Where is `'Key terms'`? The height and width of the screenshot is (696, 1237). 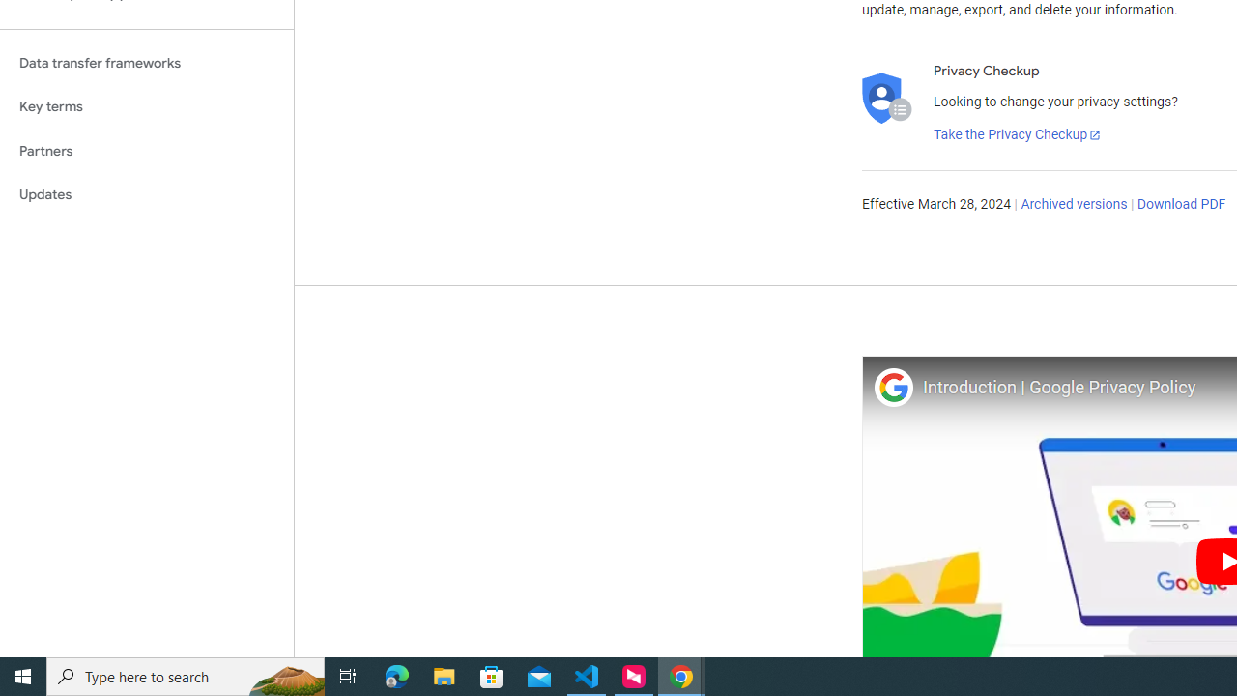
'Key terms' is located at coordinates (146, 106).